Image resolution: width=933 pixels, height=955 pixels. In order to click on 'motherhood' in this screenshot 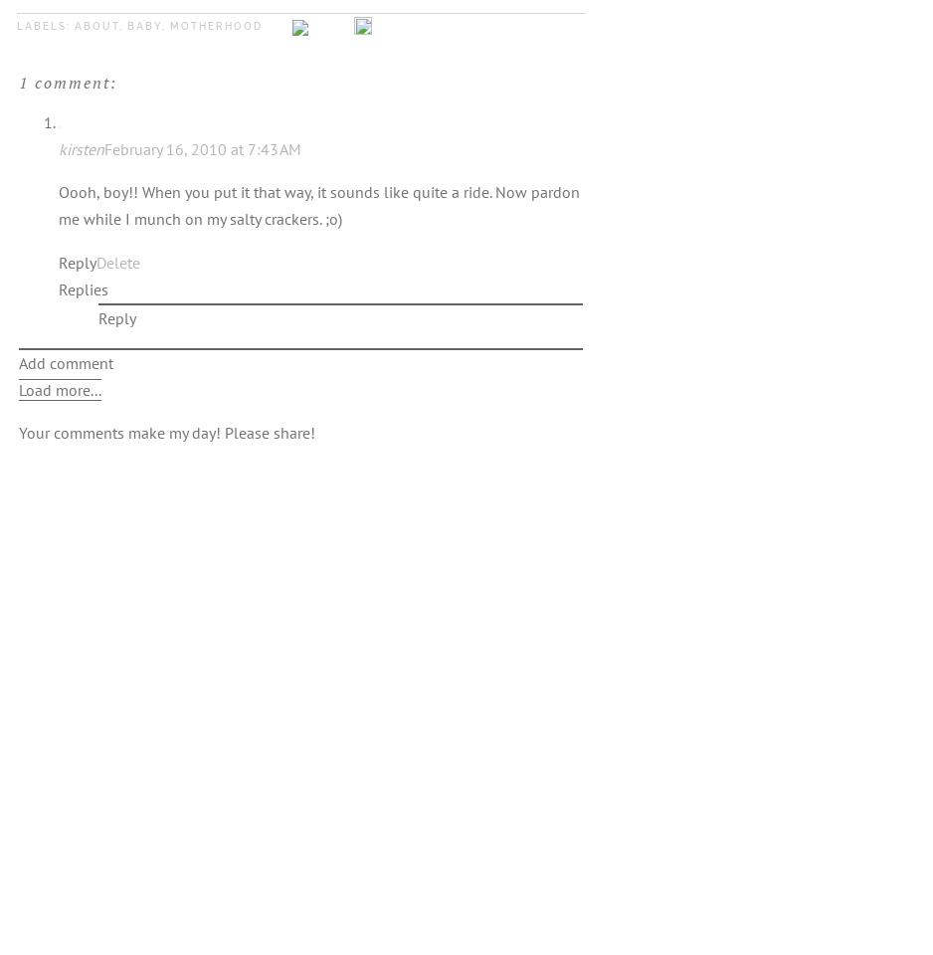, I will do `click(216, 24)`.